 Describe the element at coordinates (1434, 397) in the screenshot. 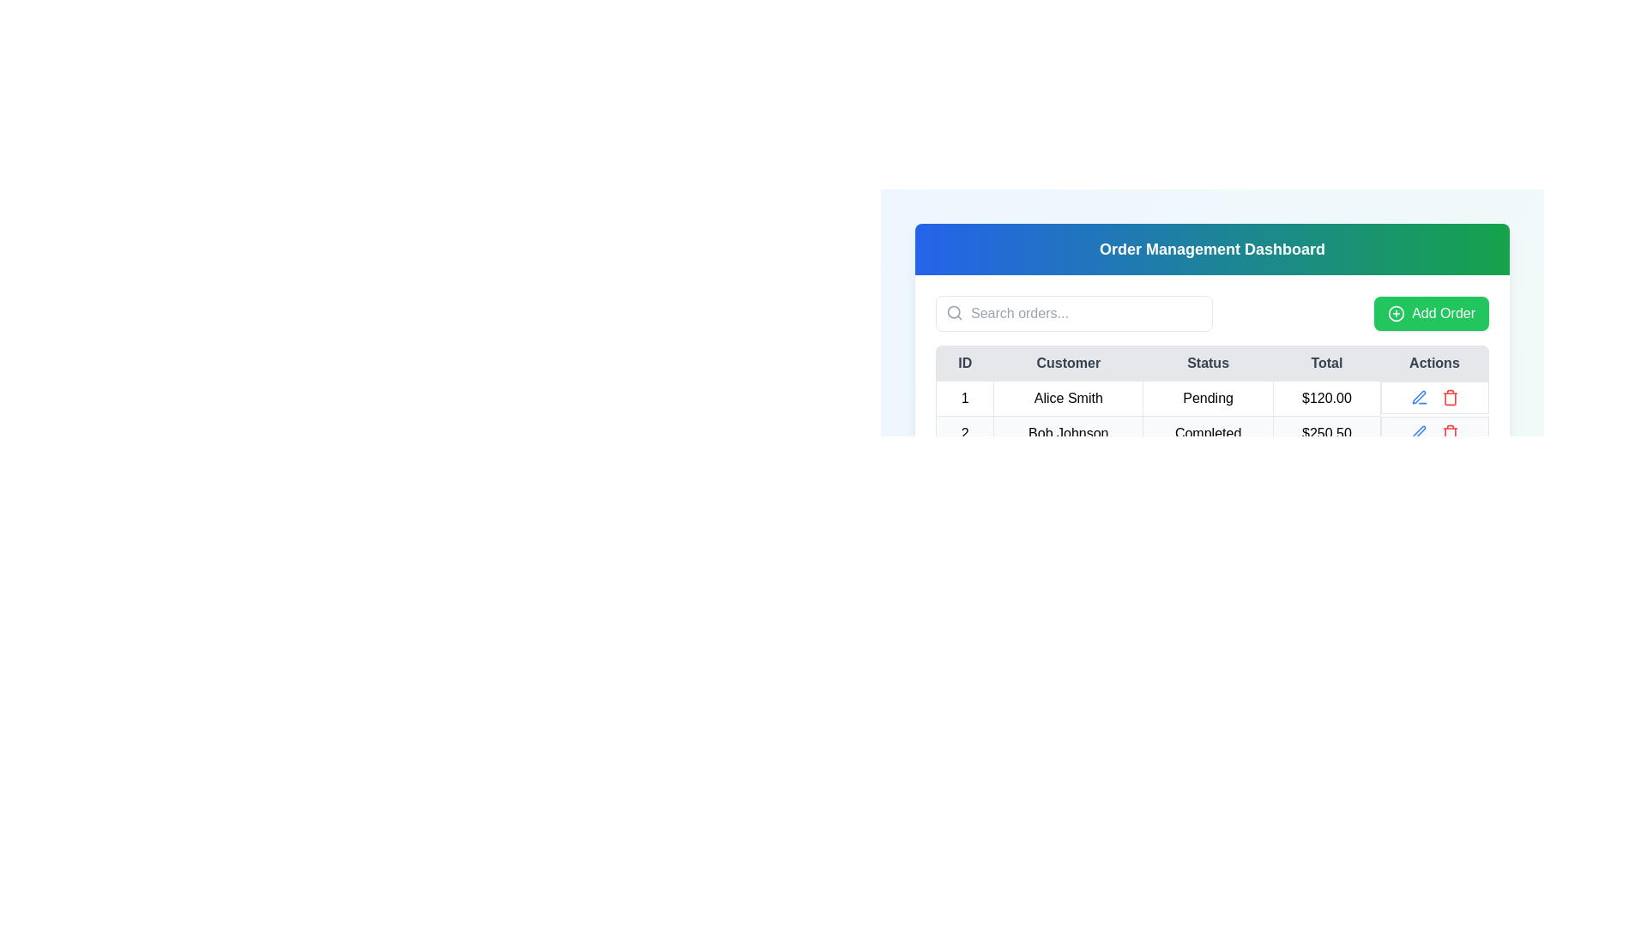

I see `the blue pencil icon in the Action menu for the row corresponding to the customer 'Alice Smith' to initiate the editing functionality` at that location.